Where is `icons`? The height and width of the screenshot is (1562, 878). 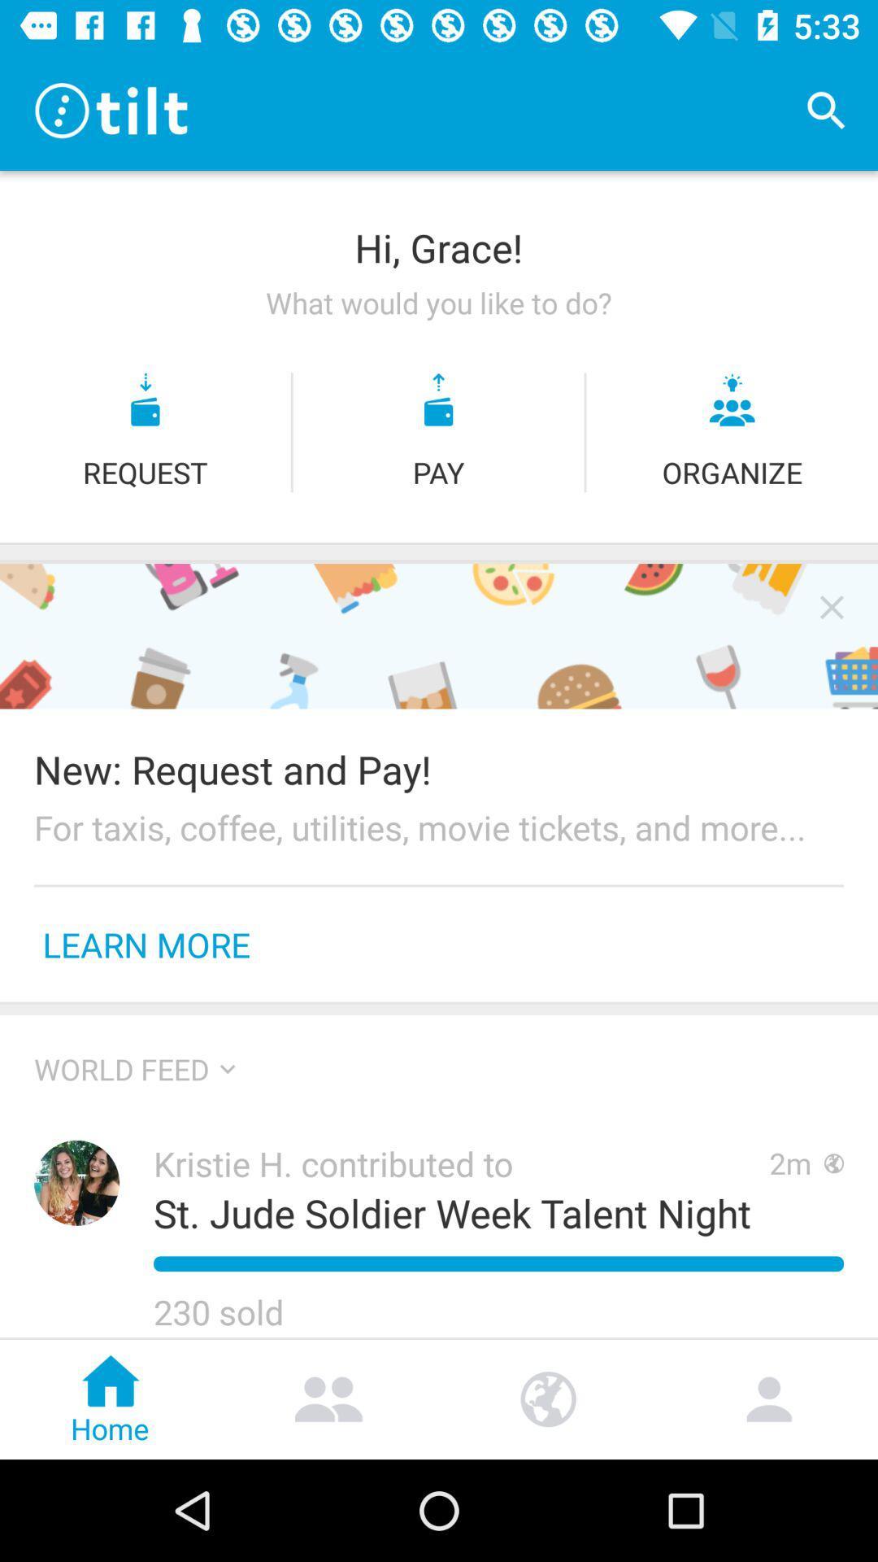 icons is located at coordinates (832, 606).